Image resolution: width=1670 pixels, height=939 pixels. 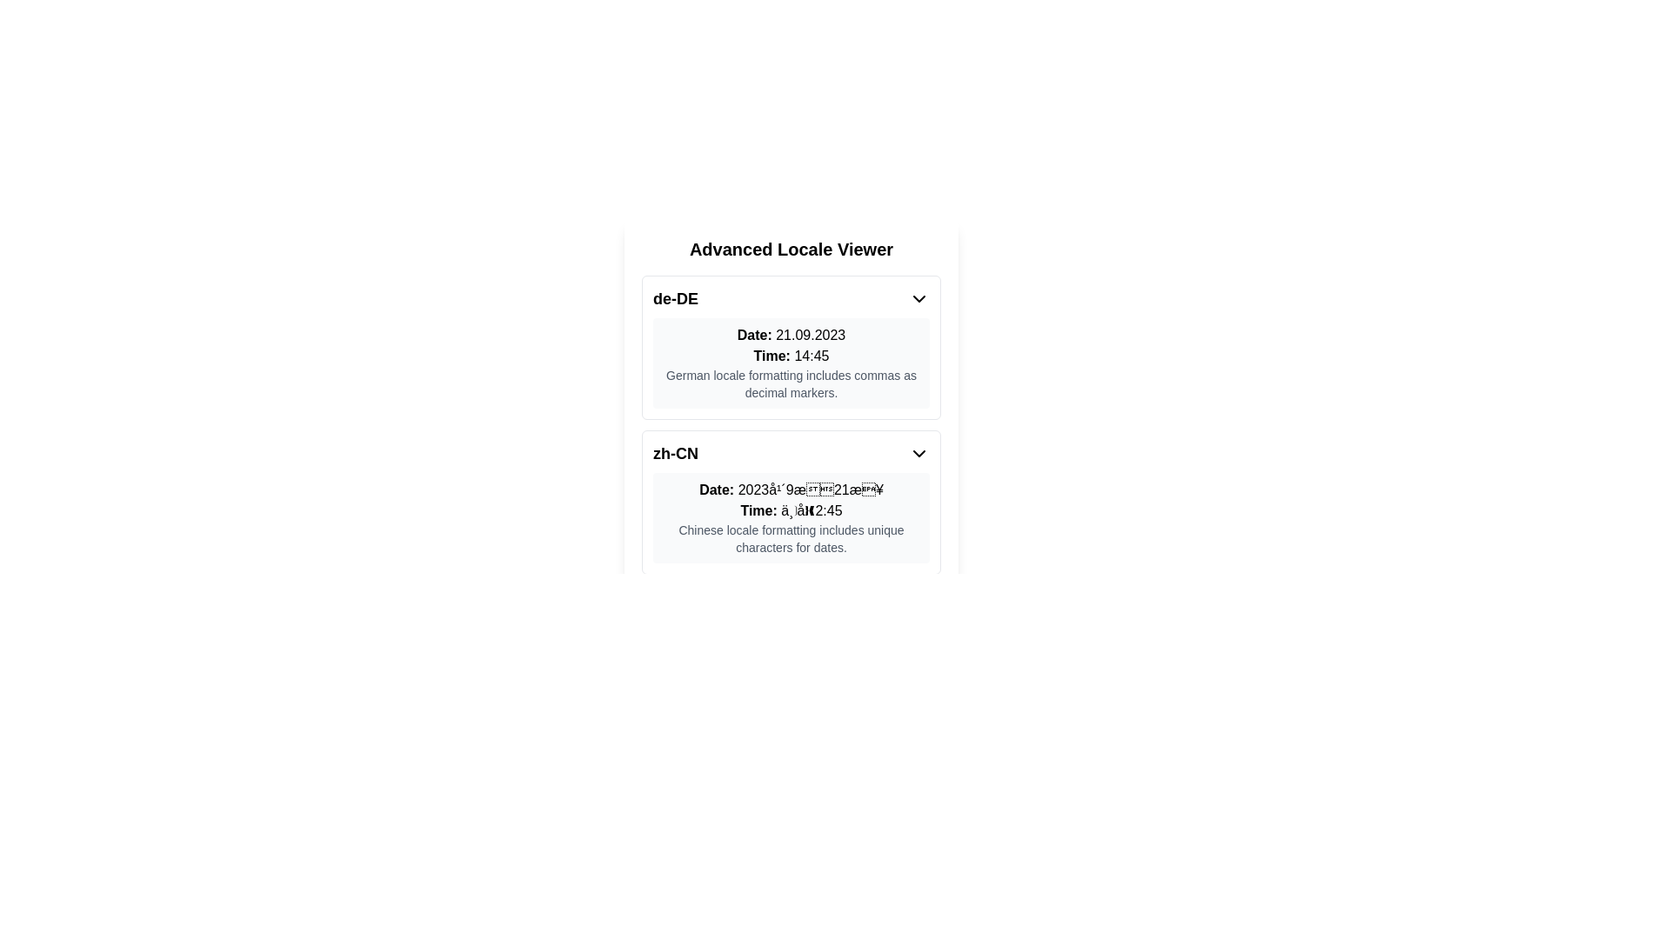 What do you see at coordinates (717, 489) in the screenshot?
I see `the text label displaying 'Date:' in bold formatting, located in the 'zh-CN' section of the interface, at the top of the date and time information block` at bounding box center [717, 489].